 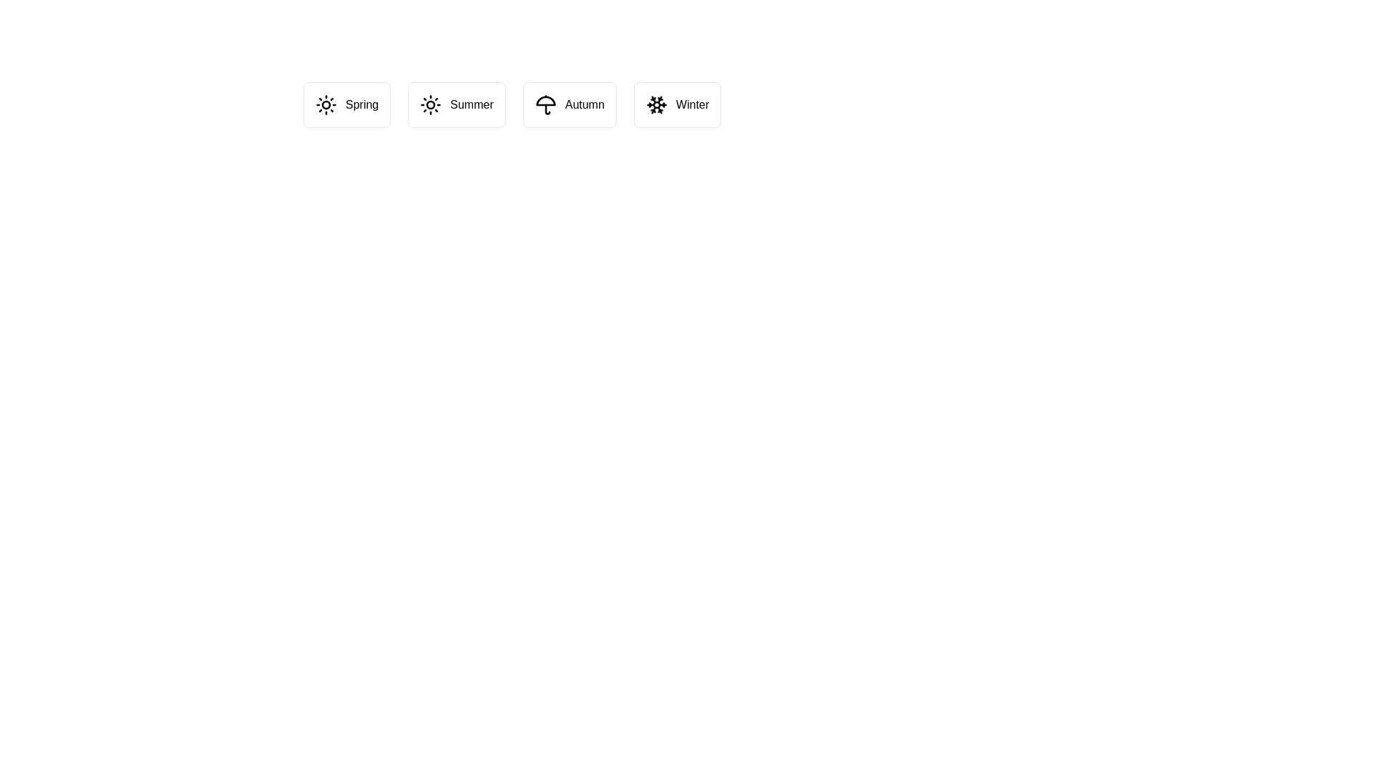 I want to click on the snowflake icon located in the center of the fourth 'Winter' card, which is styled with a black stroke and white space inside, so click(x=656, y=104).